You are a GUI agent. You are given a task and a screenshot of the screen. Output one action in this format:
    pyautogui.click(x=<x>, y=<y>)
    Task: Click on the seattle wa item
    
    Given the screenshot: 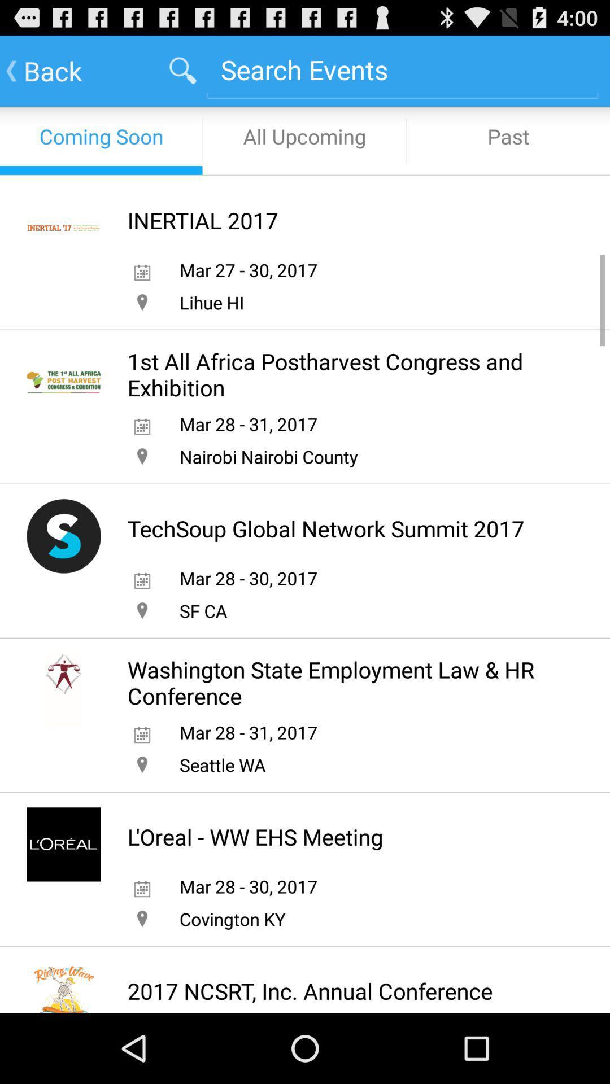 What is the action you would take?
    pyautogui.click(x=223, y=764)
    